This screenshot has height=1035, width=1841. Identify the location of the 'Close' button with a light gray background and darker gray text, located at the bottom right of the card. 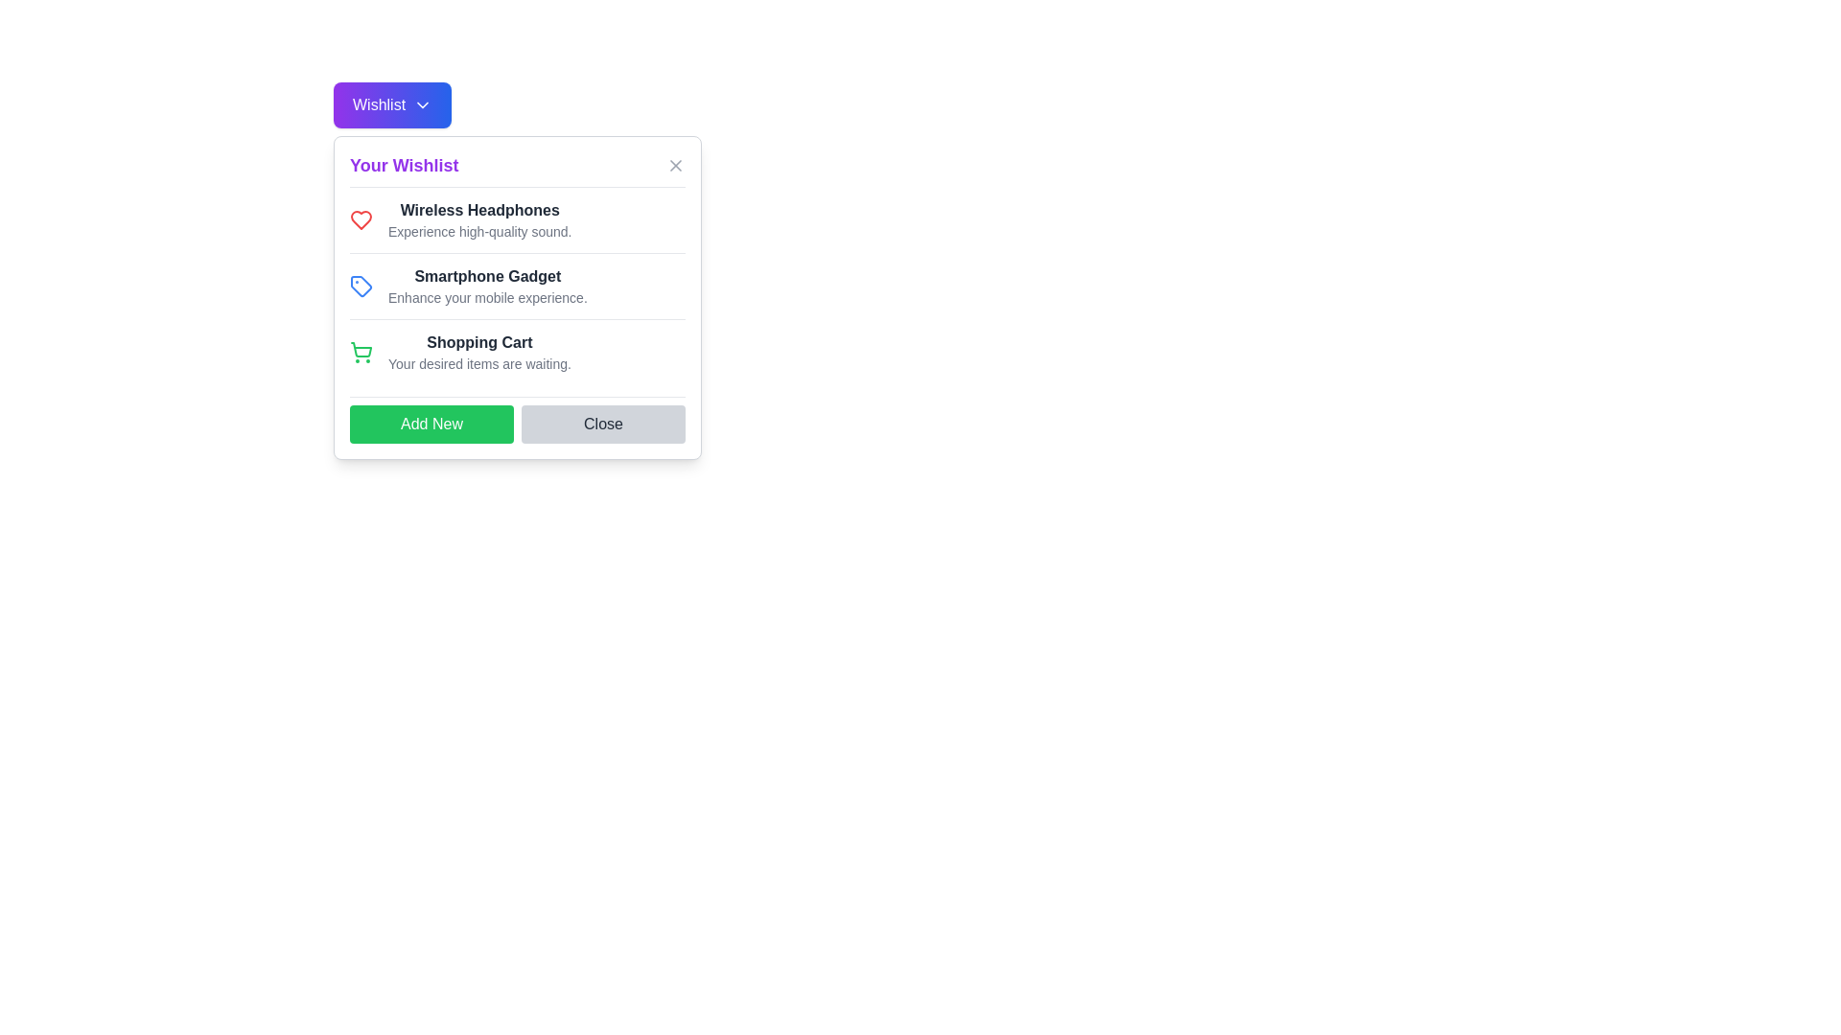
(602, 424).